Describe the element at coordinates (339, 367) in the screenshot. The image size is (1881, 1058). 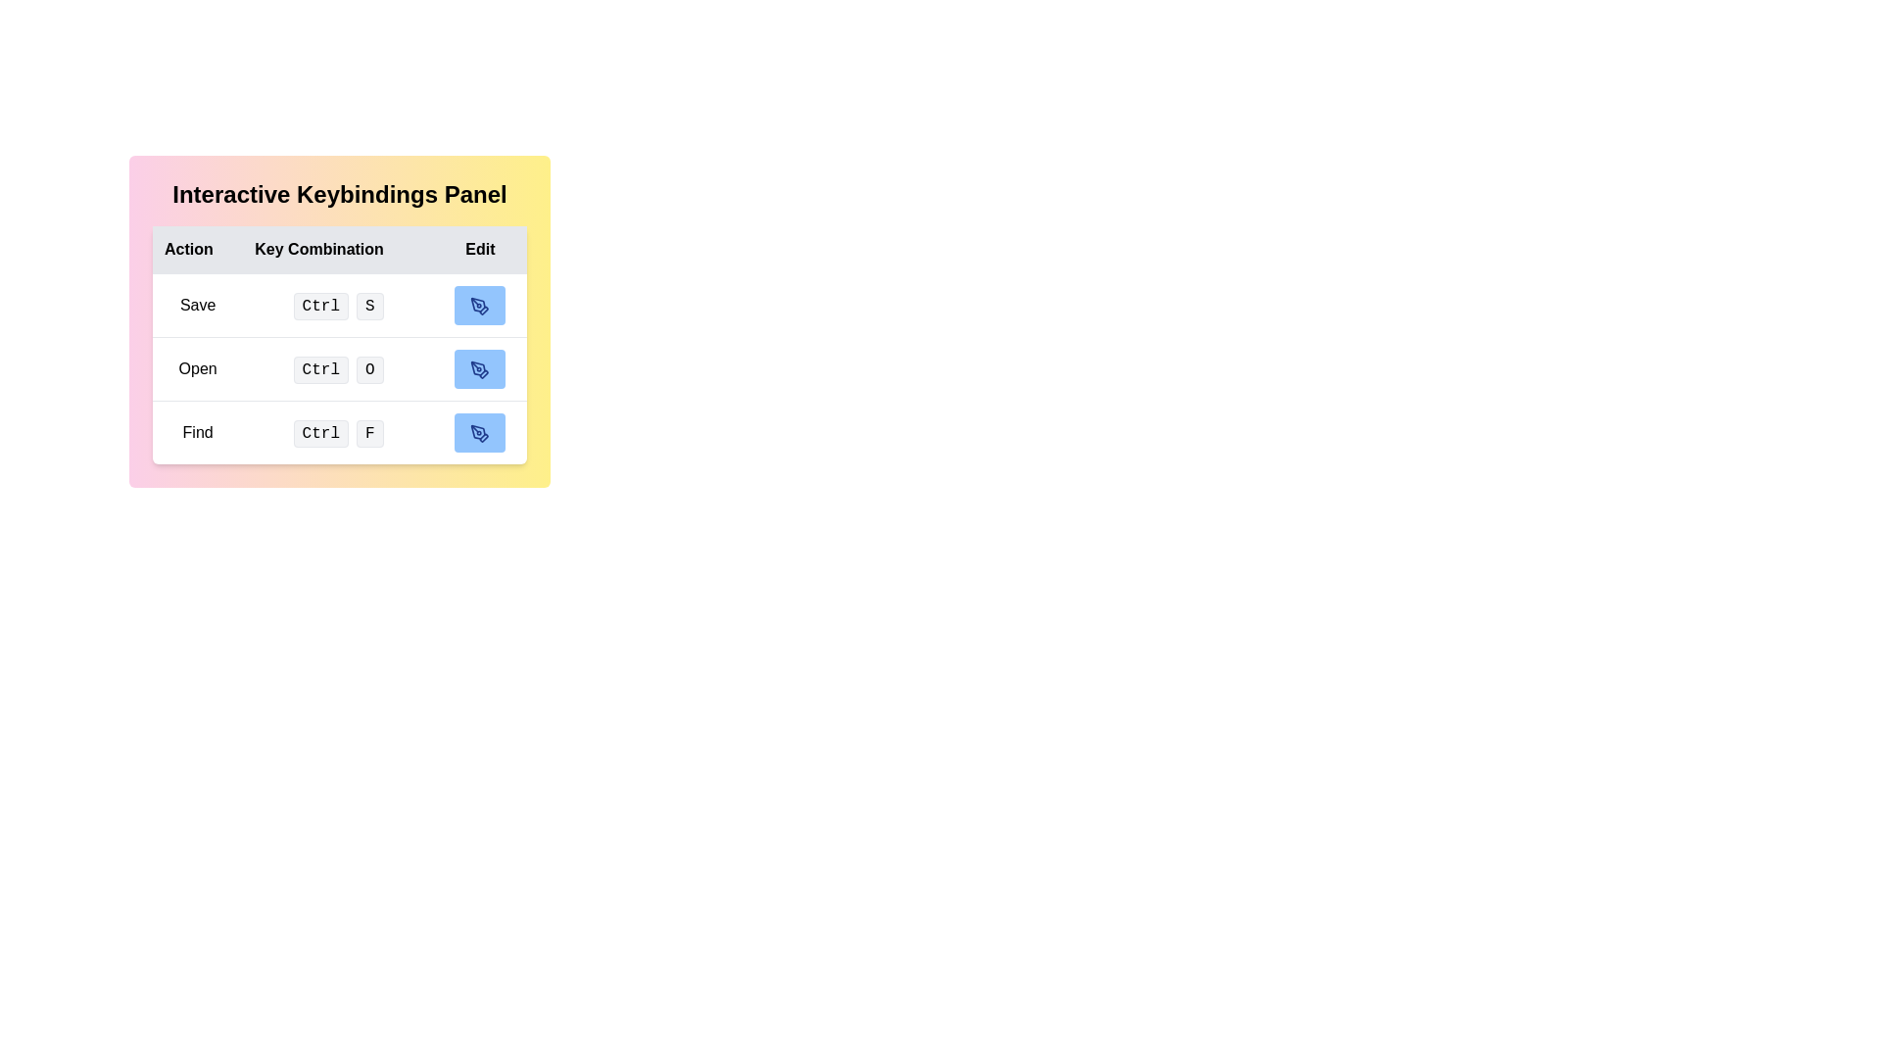
I see `the second row of the table representing the shortcut key setting for the 'Open' command` at that location.